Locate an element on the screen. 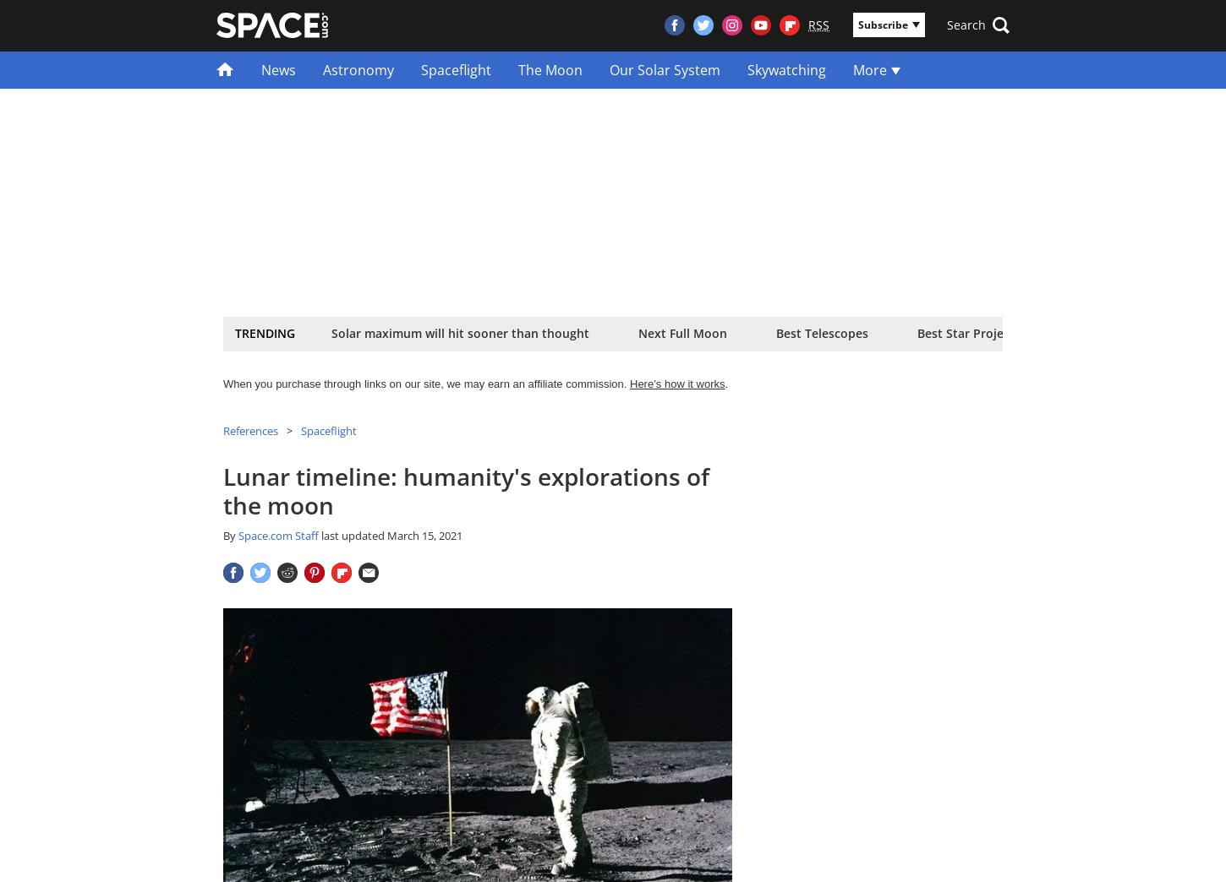  '$28.75' is located at coordinates (478, 342).